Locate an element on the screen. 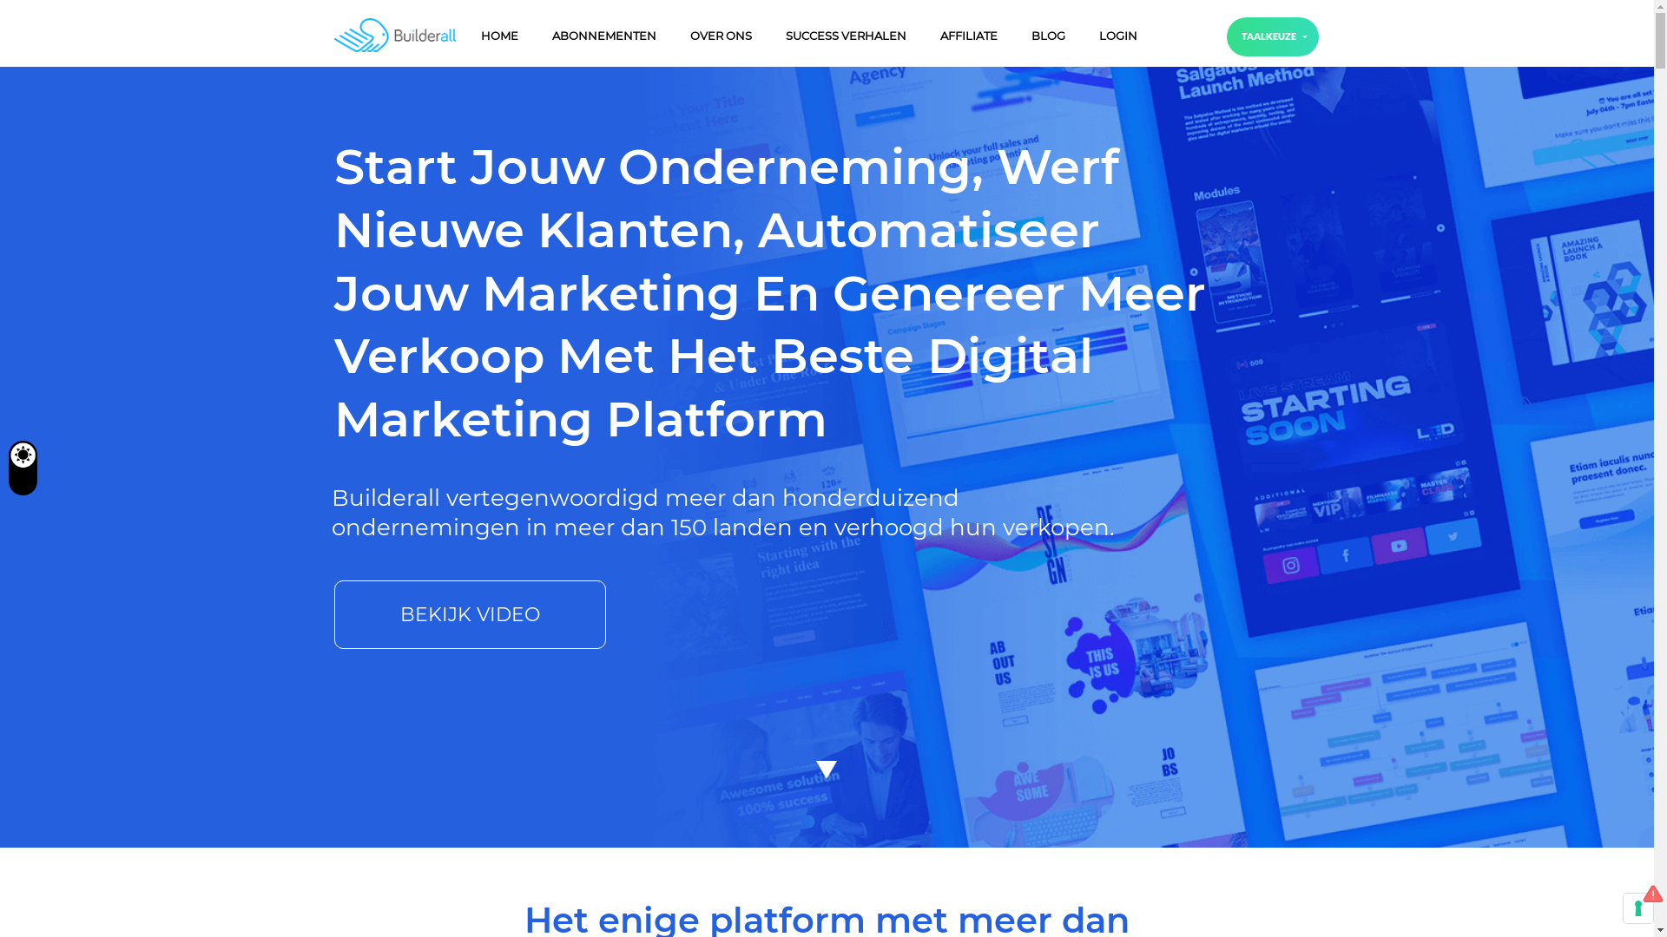 This screenshot has width=1667, height=937. 'BLOG' is located at coordinates (1047, 36).